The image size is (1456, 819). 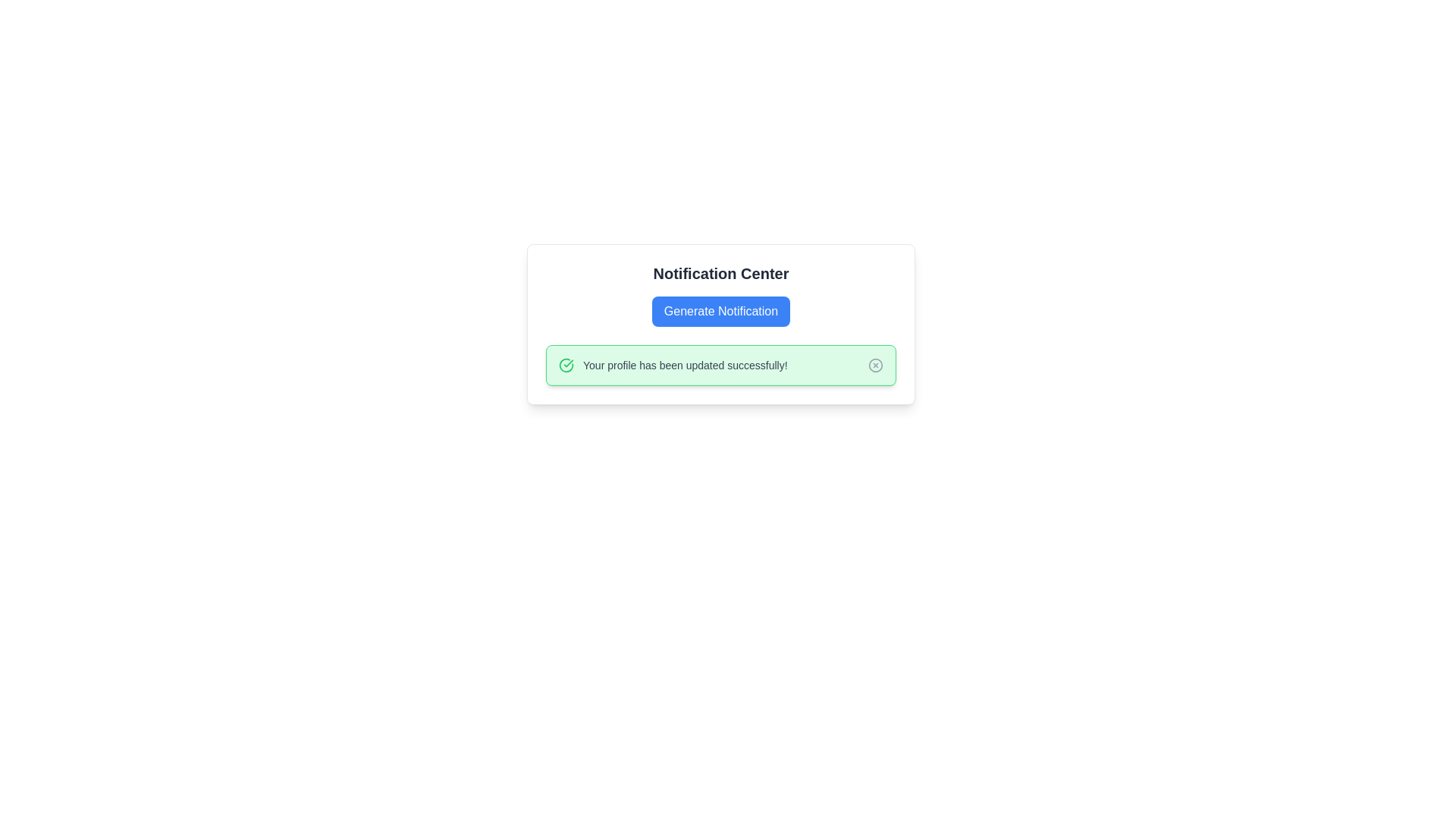 I want to click on the 'Generate Notification' button located below the heading 'Notification Center' and above the message 'Your profile has been updated successfully!', so click(x=720, y=311).